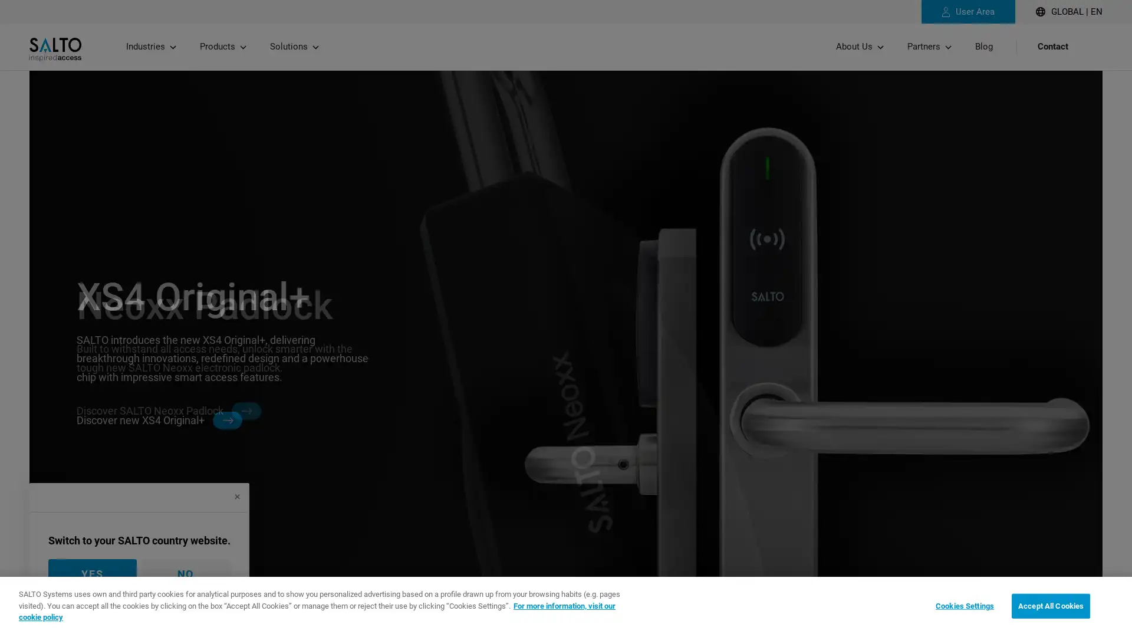  What do you see at coordinates (223, 45) in the screenshot?
I see `Products` at bounding box center [223, 45].